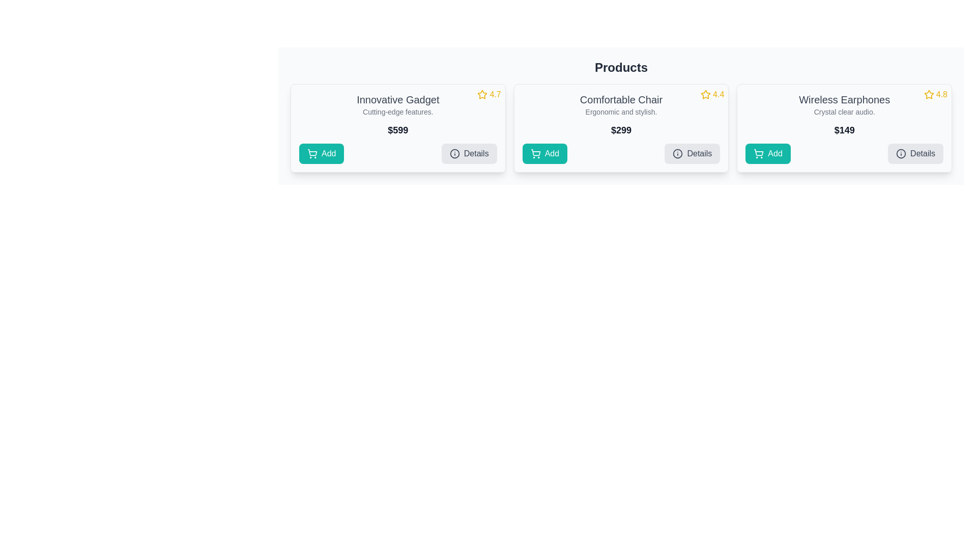  What do you see at coordinates (844, 100) in the screenshot?
I see `the text label indicating 'Wireless Earphones' located in the top section of the rightmost product card, positioned above the descriptive text 'Crystal clear audio.' and below the rating icon '4.8'` at bounding box center [844, 100].